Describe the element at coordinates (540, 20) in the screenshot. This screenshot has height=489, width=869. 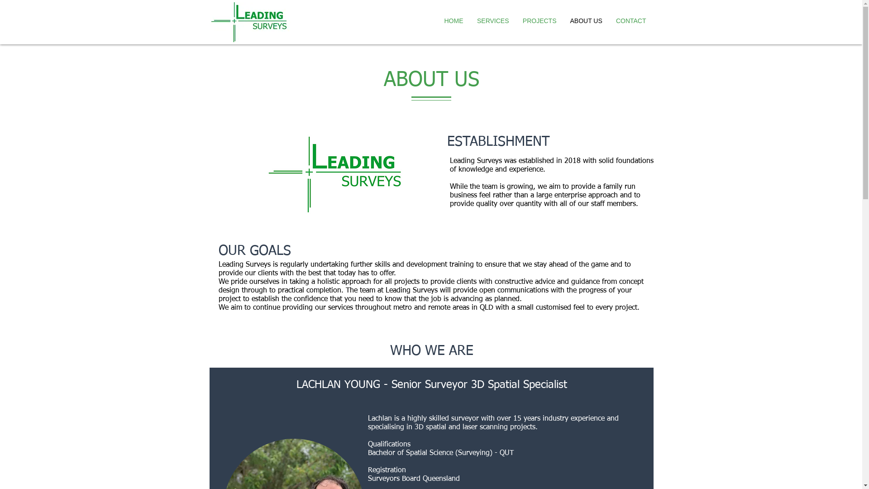
I see `'PROJECTS'` at that location.